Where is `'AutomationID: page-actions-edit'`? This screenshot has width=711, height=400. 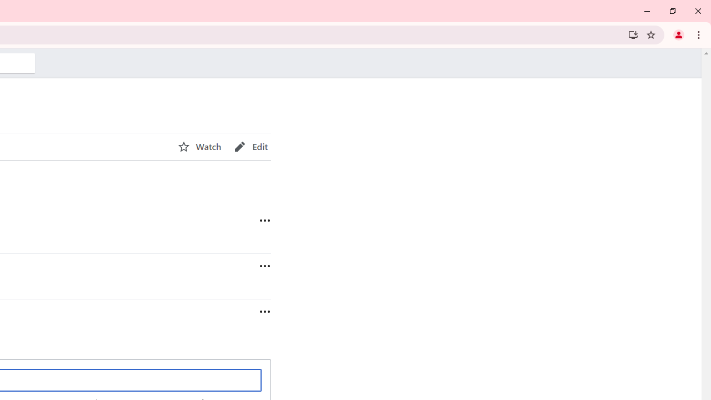 'AutomationID: page-actions-edit' is located at coordinates (251, 146).